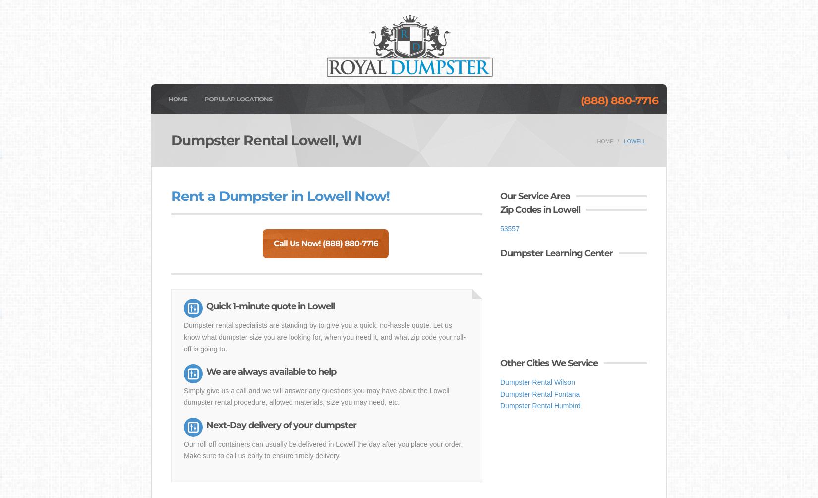  Describe the element at coordinates (316, 396) in the screenshot. I see `'Simply give us a call and we will answer any questions you may have about the Lowell dumpster rental procedure, allowed materials, size you may need, etc.'` at that location.